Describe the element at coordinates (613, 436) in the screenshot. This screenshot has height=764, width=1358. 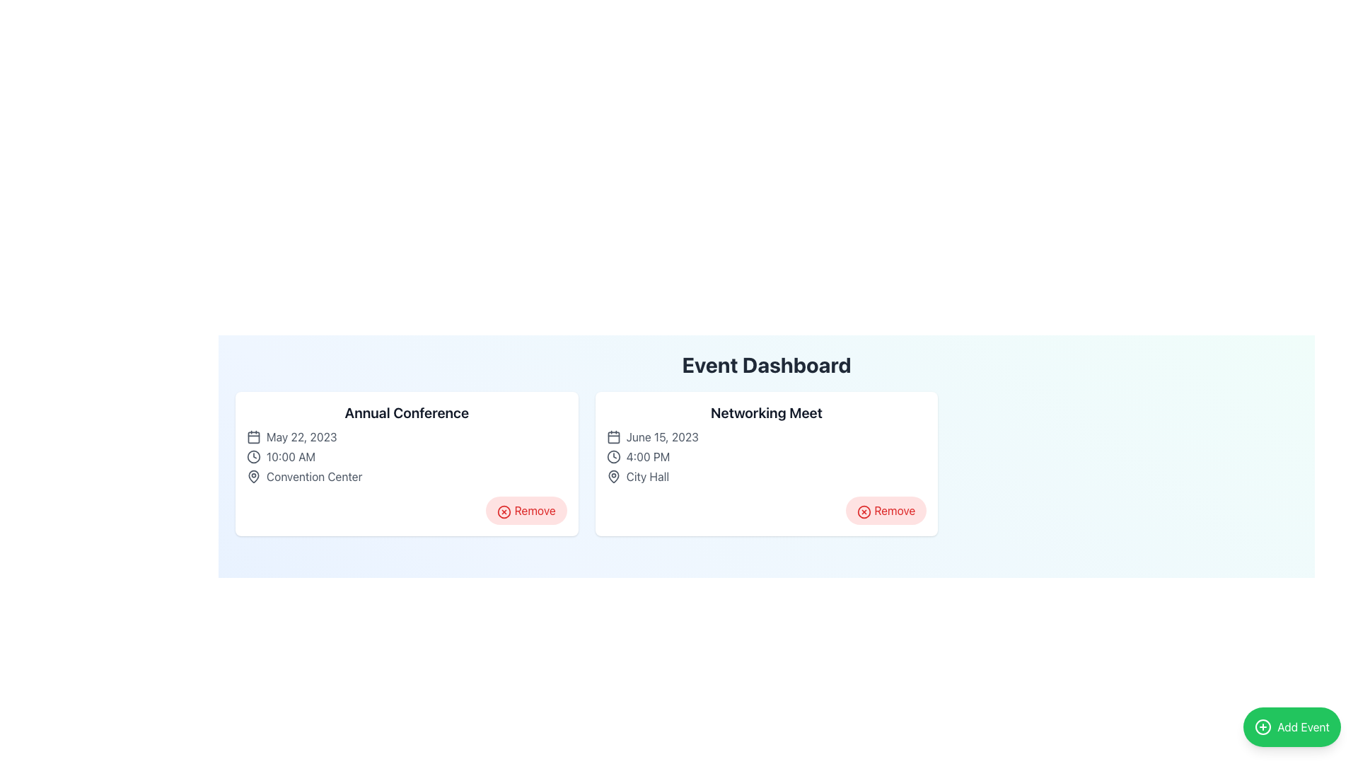
I see `the calendar icon located to the left of the 'June 15, 2023' date text under the 'Networking Meet' header in the second card` at that location.